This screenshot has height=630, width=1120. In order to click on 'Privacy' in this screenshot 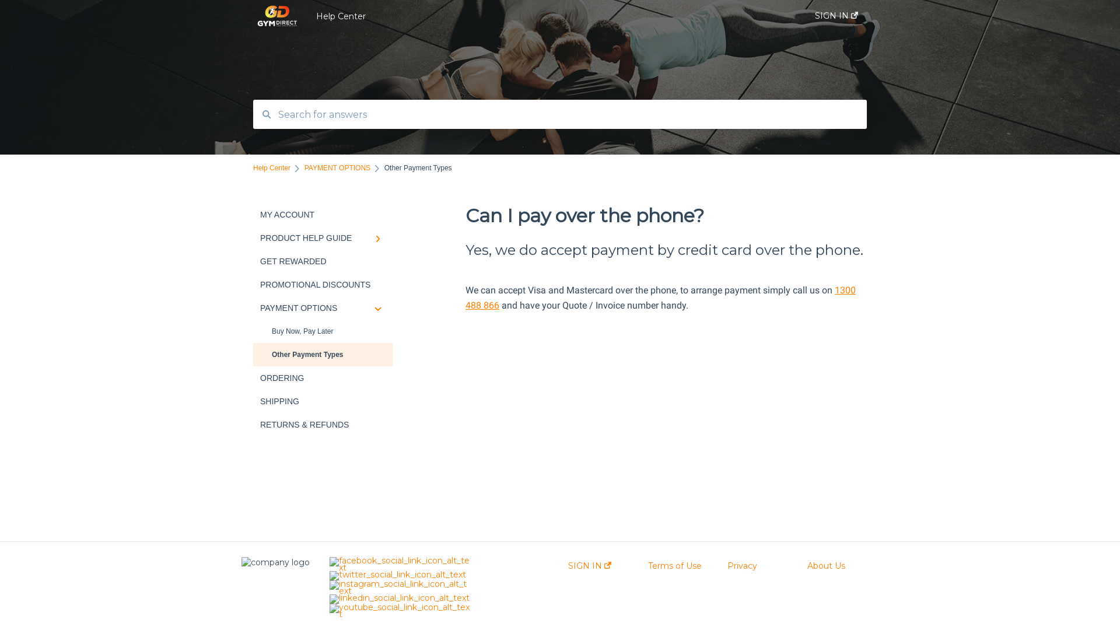, I will do `click(741, 565)`.